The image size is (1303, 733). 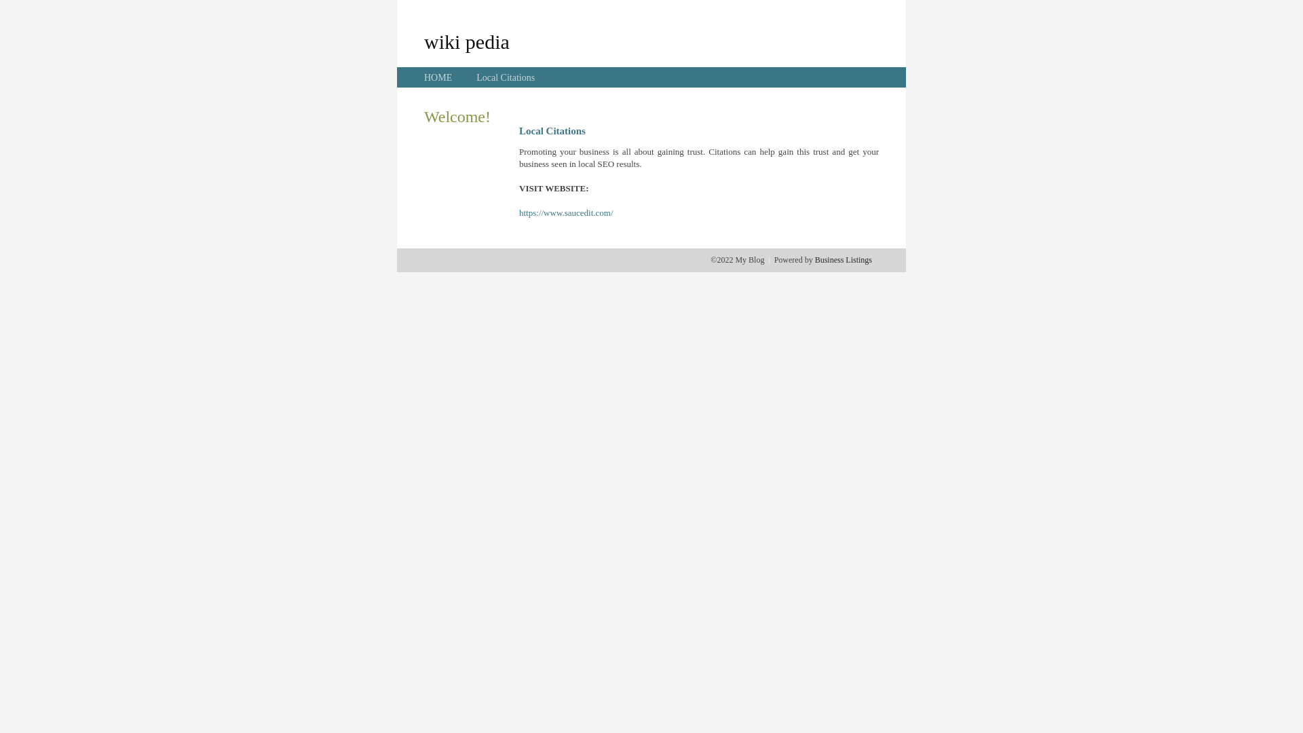 What do you see at coordinates (504, 77) in the screenshot?
I see `'Local Citations'` at bounding box center [504, 77].